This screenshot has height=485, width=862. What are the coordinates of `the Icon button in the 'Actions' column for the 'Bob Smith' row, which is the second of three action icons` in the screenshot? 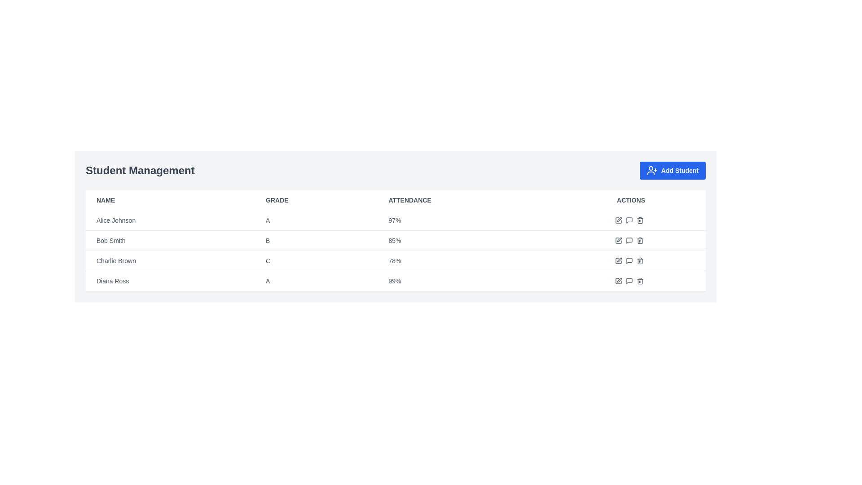 It's located at (630, 240).